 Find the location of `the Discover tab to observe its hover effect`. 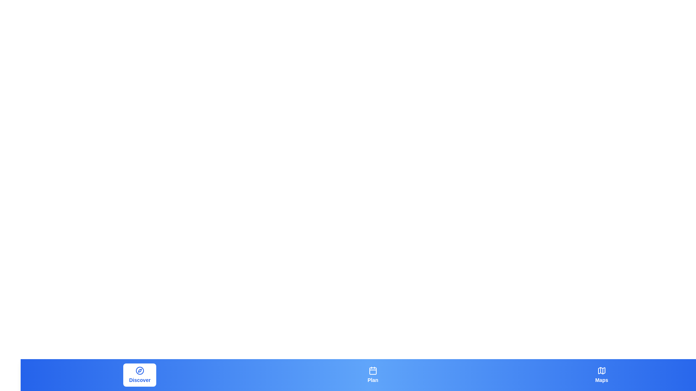

the Discover tab to observe its hover effect is located at coordinates (140, 375).